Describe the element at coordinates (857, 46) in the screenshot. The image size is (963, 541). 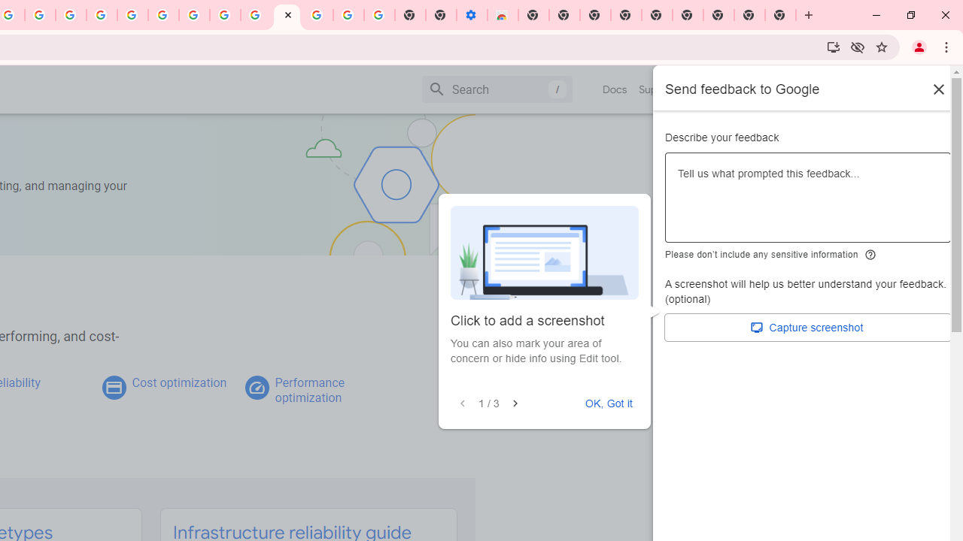
I see `'Third-party cookies blocked'` at that location.